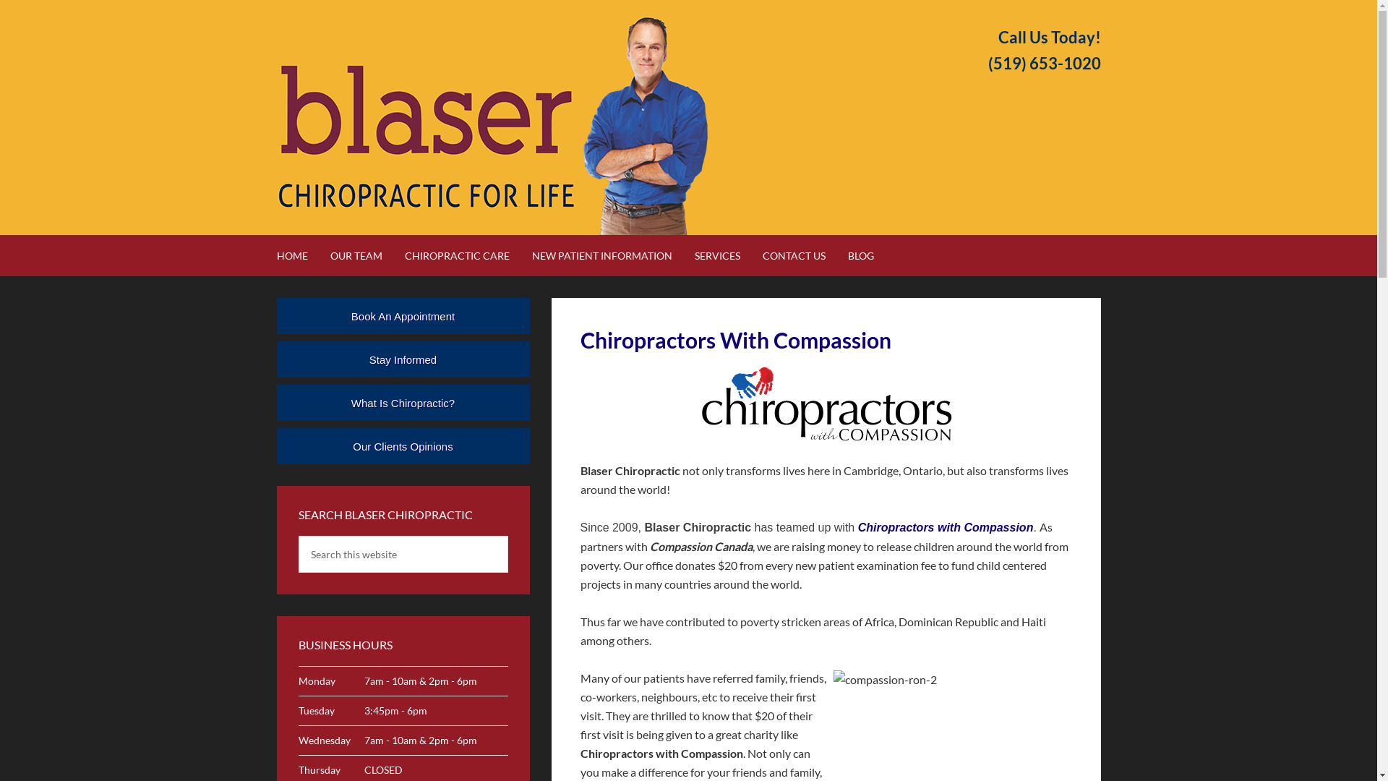 Image resolution: width=1388 pixels, height=781 pixels. Describe the element at coordinates (402, 445) in the screenshot. I see `'Our Clients Opinions'` at that location.